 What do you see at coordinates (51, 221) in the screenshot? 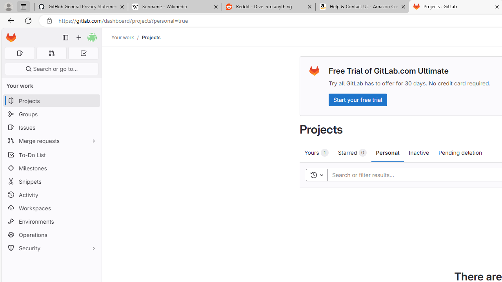
I see `'Environments'` at bounding box center [51, 221].